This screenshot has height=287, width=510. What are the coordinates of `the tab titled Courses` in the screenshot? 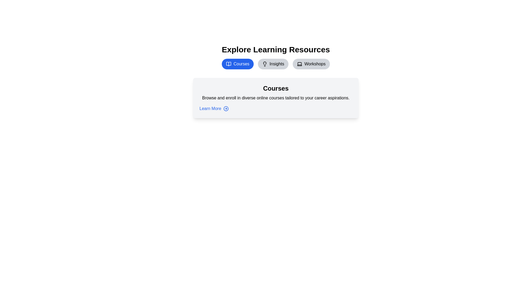 It's located at (237, 64).